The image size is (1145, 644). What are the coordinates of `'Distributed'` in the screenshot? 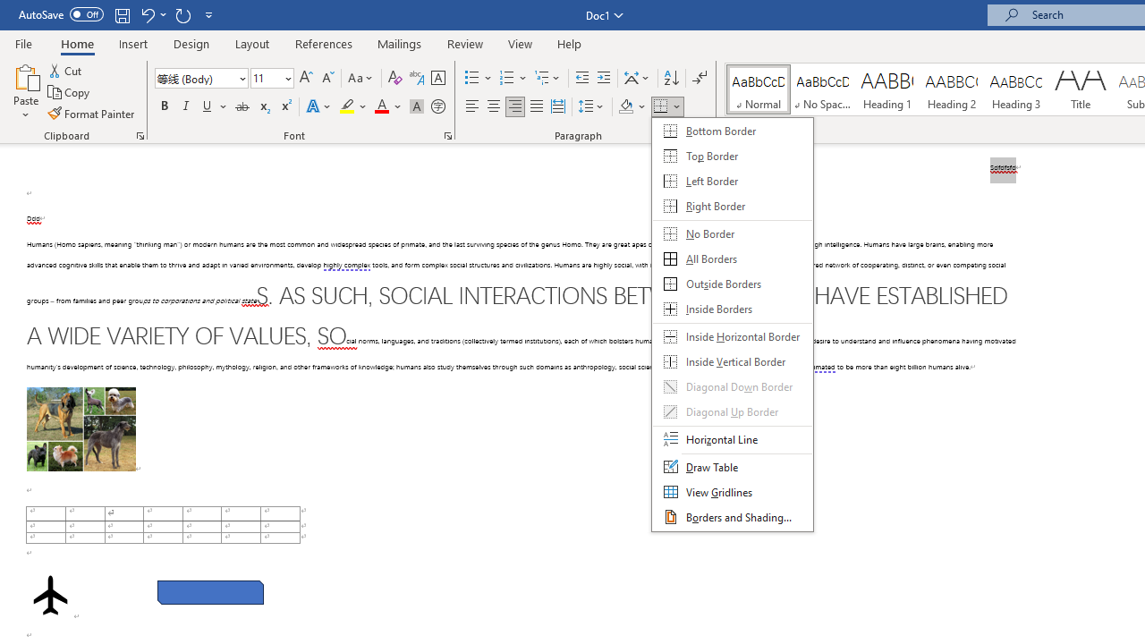 It's located at (557, 106).